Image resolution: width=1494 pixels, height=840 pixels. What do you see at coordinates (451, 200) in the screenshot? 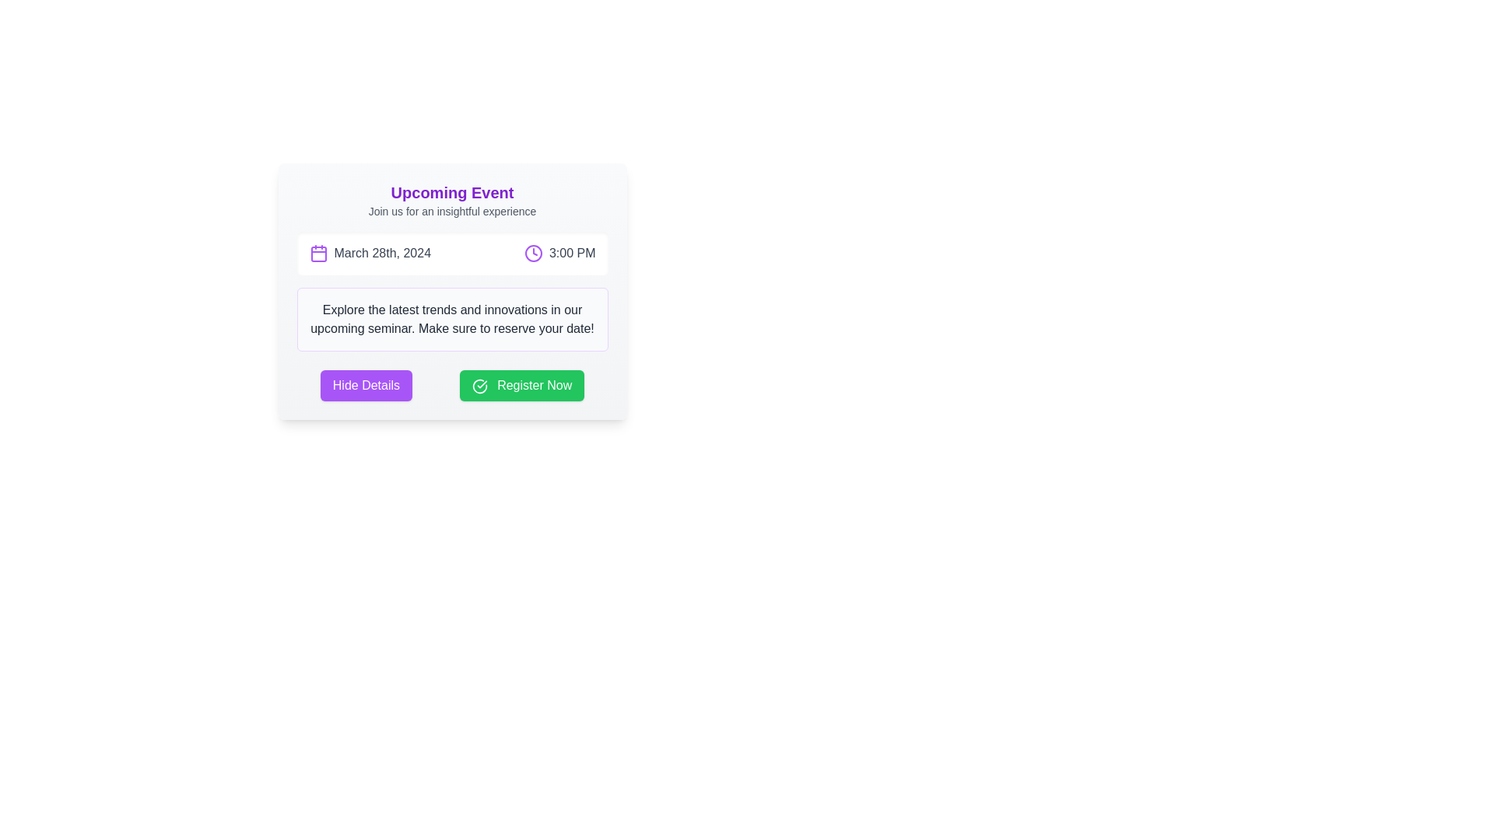
I see `text from the composite text element that includes a bold purple heading 'Upcoming Event' and a lighter gray subtitle 'Join us for an insightful experience.'` at bounding box center [451, 200].